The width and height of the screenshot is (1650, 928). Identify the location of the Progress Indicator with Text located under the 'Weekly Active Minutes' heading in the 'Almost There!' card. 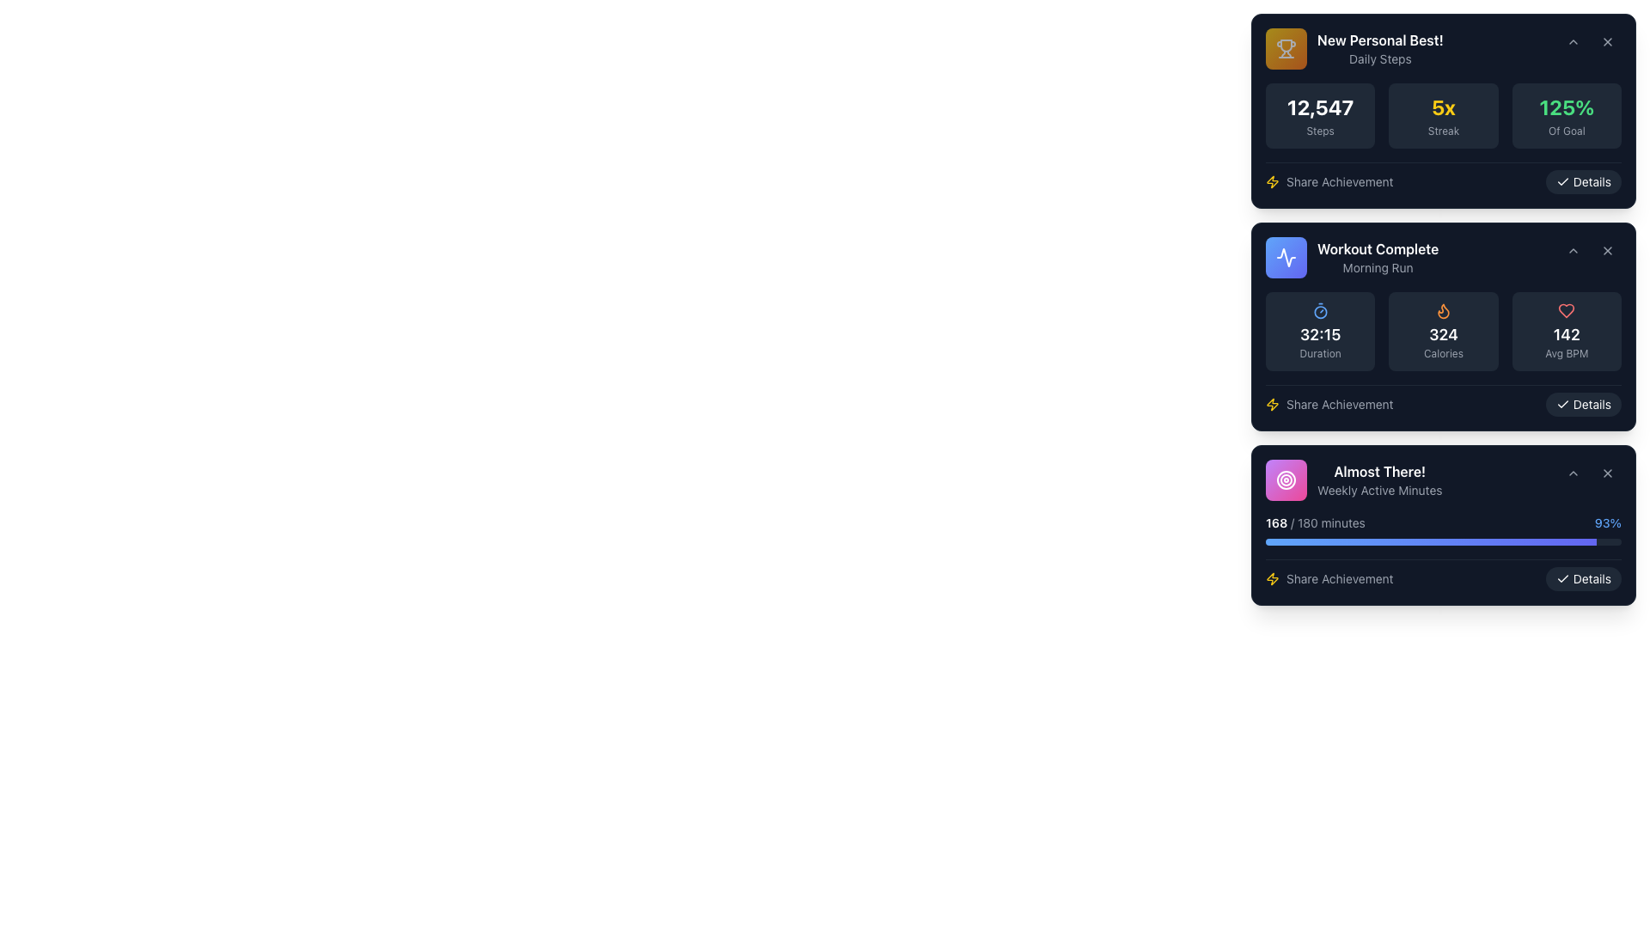
(1444, 529).